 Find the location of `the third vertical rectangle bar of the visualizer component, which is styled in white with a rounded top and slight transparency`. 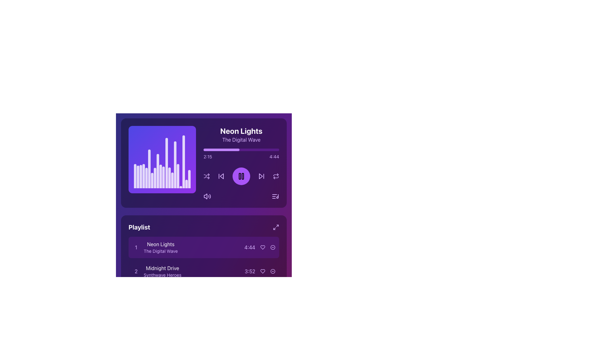

the third vertical rectangle bar of the visualizer component, which is styled in white with a rounded top and slight transparency is located at coordinates (140, 177).